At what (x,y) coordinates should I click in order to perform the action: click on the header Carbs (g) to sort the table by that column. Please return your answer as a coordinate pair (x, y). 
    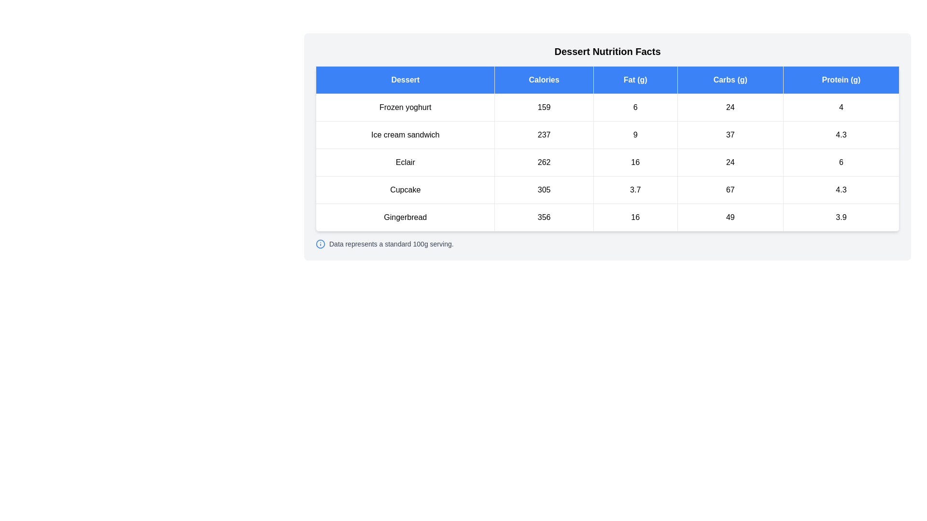
    Looking at the image, I should click on (730, 79).